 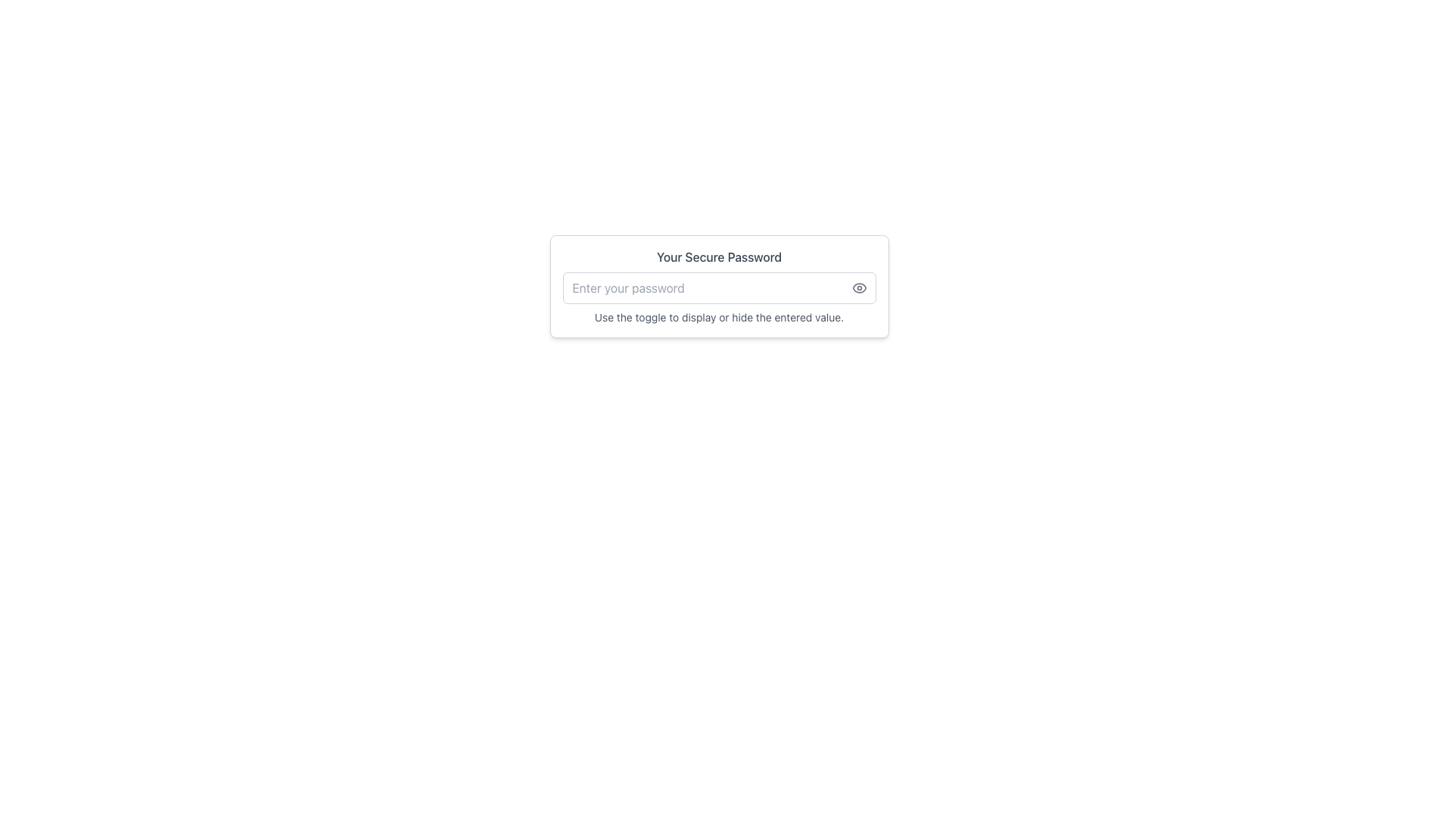 What do you see at coordinates (718, 288) in the screenshot?
I see `the password input field located at the center of the section labeled 'Your Secure Password'` at bounding box center [718, 288].